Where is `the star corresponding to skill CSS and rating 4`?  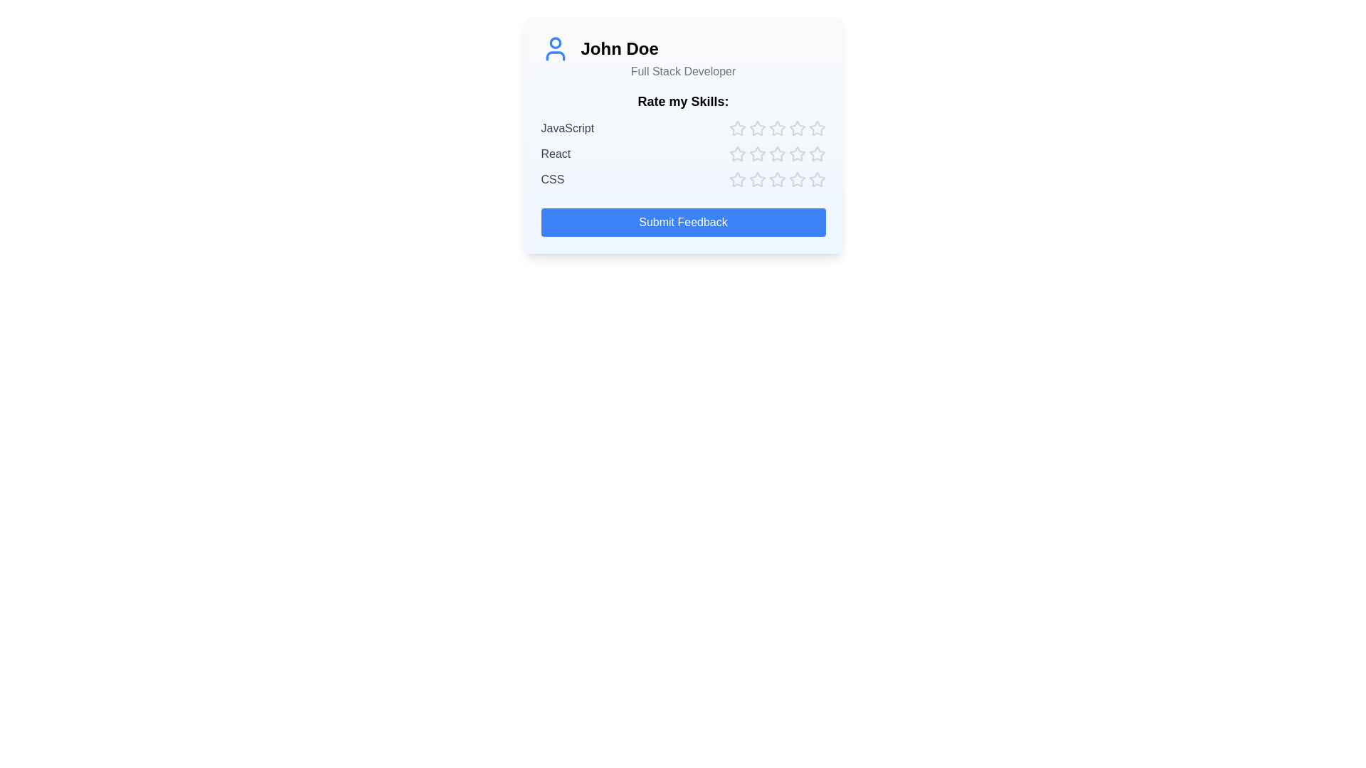
the star corresponding to skill CSS and rating 4 is located at coordinates (797, 179).